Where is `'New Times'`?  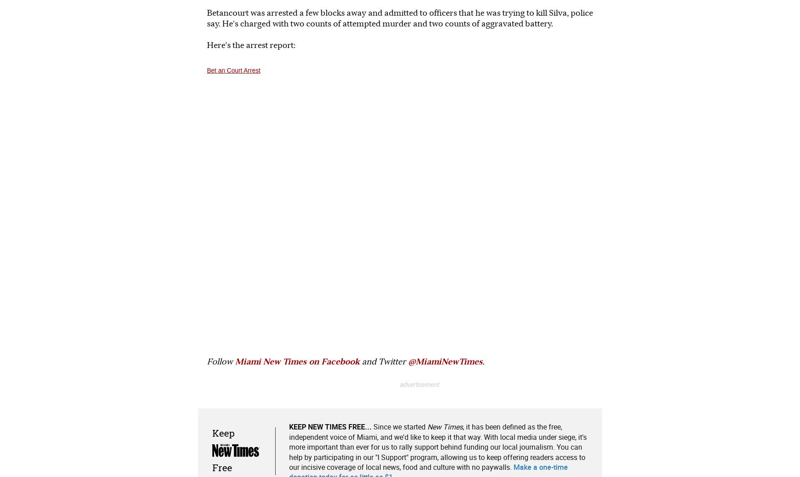
'New Times' is located at coordinates (427, 426).